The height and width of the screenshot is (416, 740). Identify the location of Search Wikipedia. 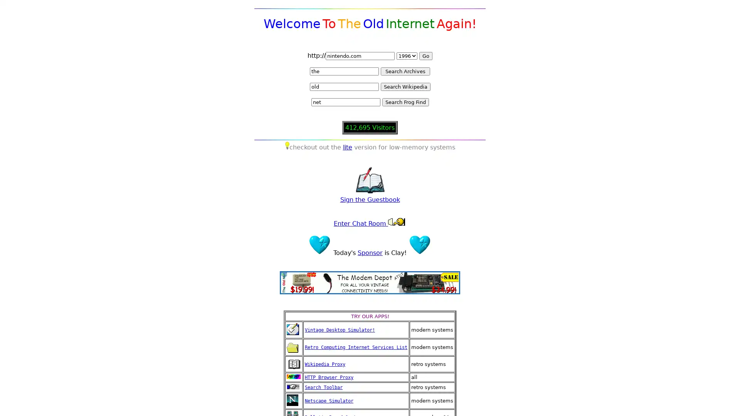
(405, 87).